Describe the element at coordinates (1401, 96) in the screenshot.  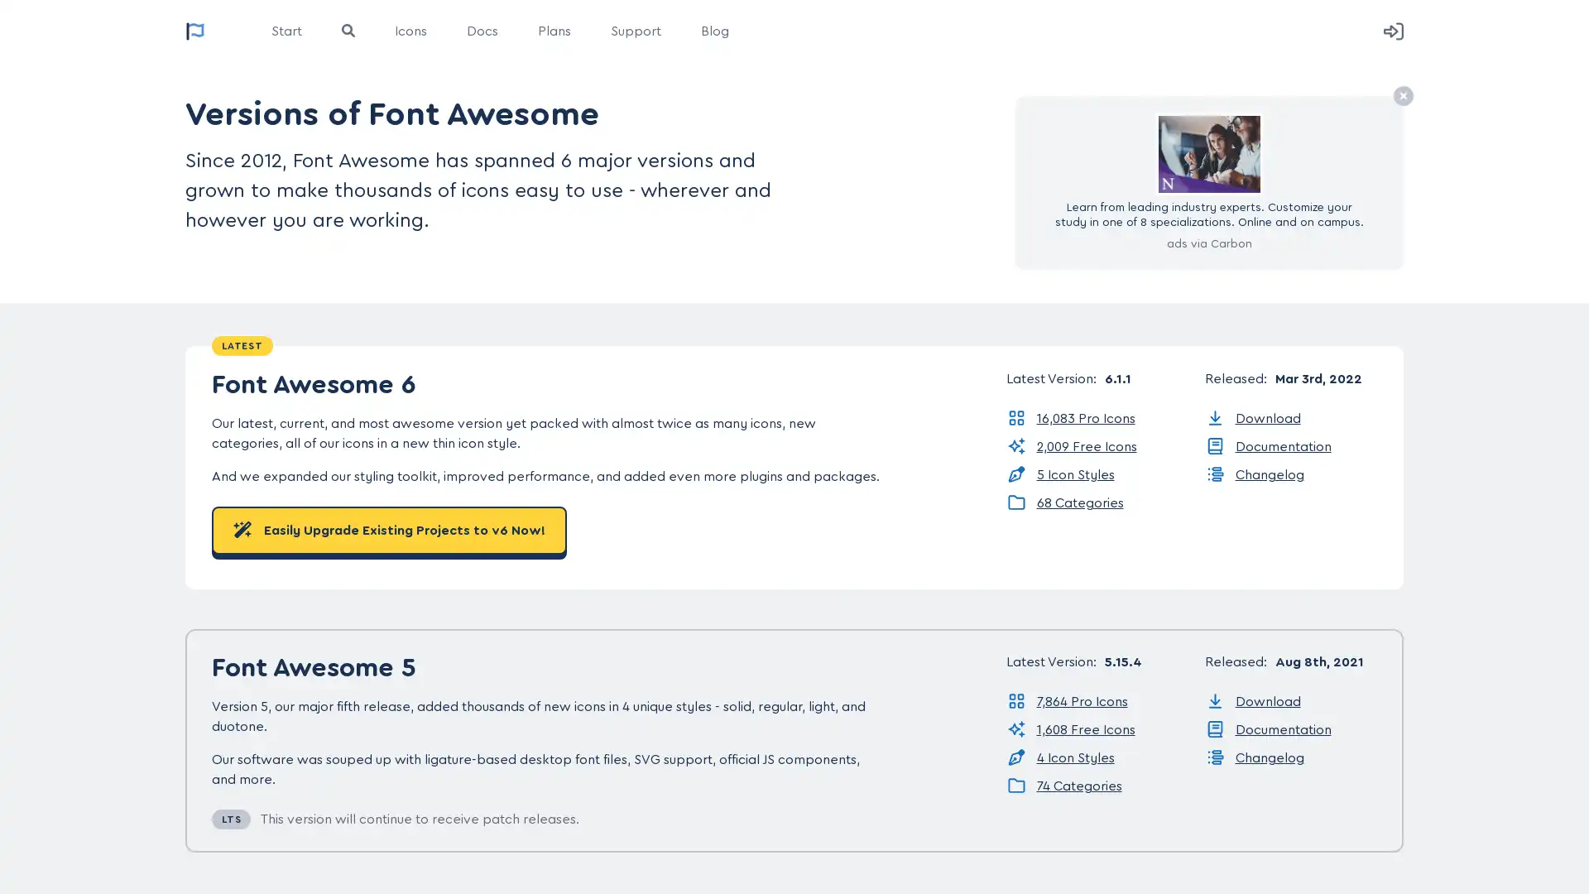
I see `Remove Ad` at that location.